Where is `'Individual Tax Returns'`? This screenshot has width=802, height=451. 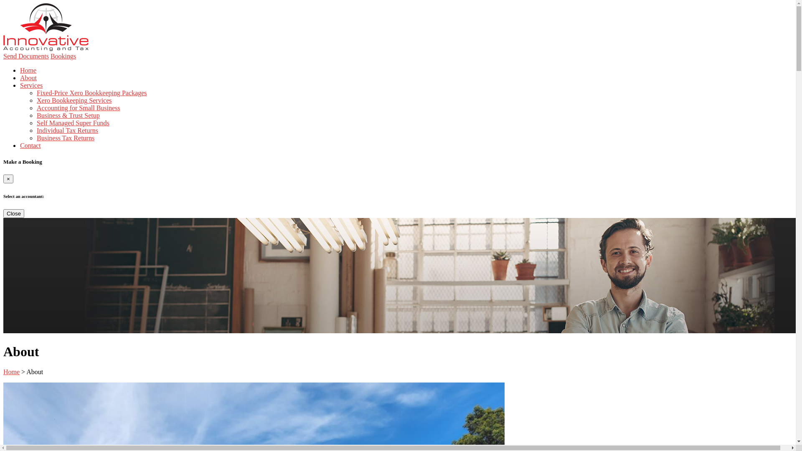 'Individual Tax Returns' is located at coordinates (67, 130).